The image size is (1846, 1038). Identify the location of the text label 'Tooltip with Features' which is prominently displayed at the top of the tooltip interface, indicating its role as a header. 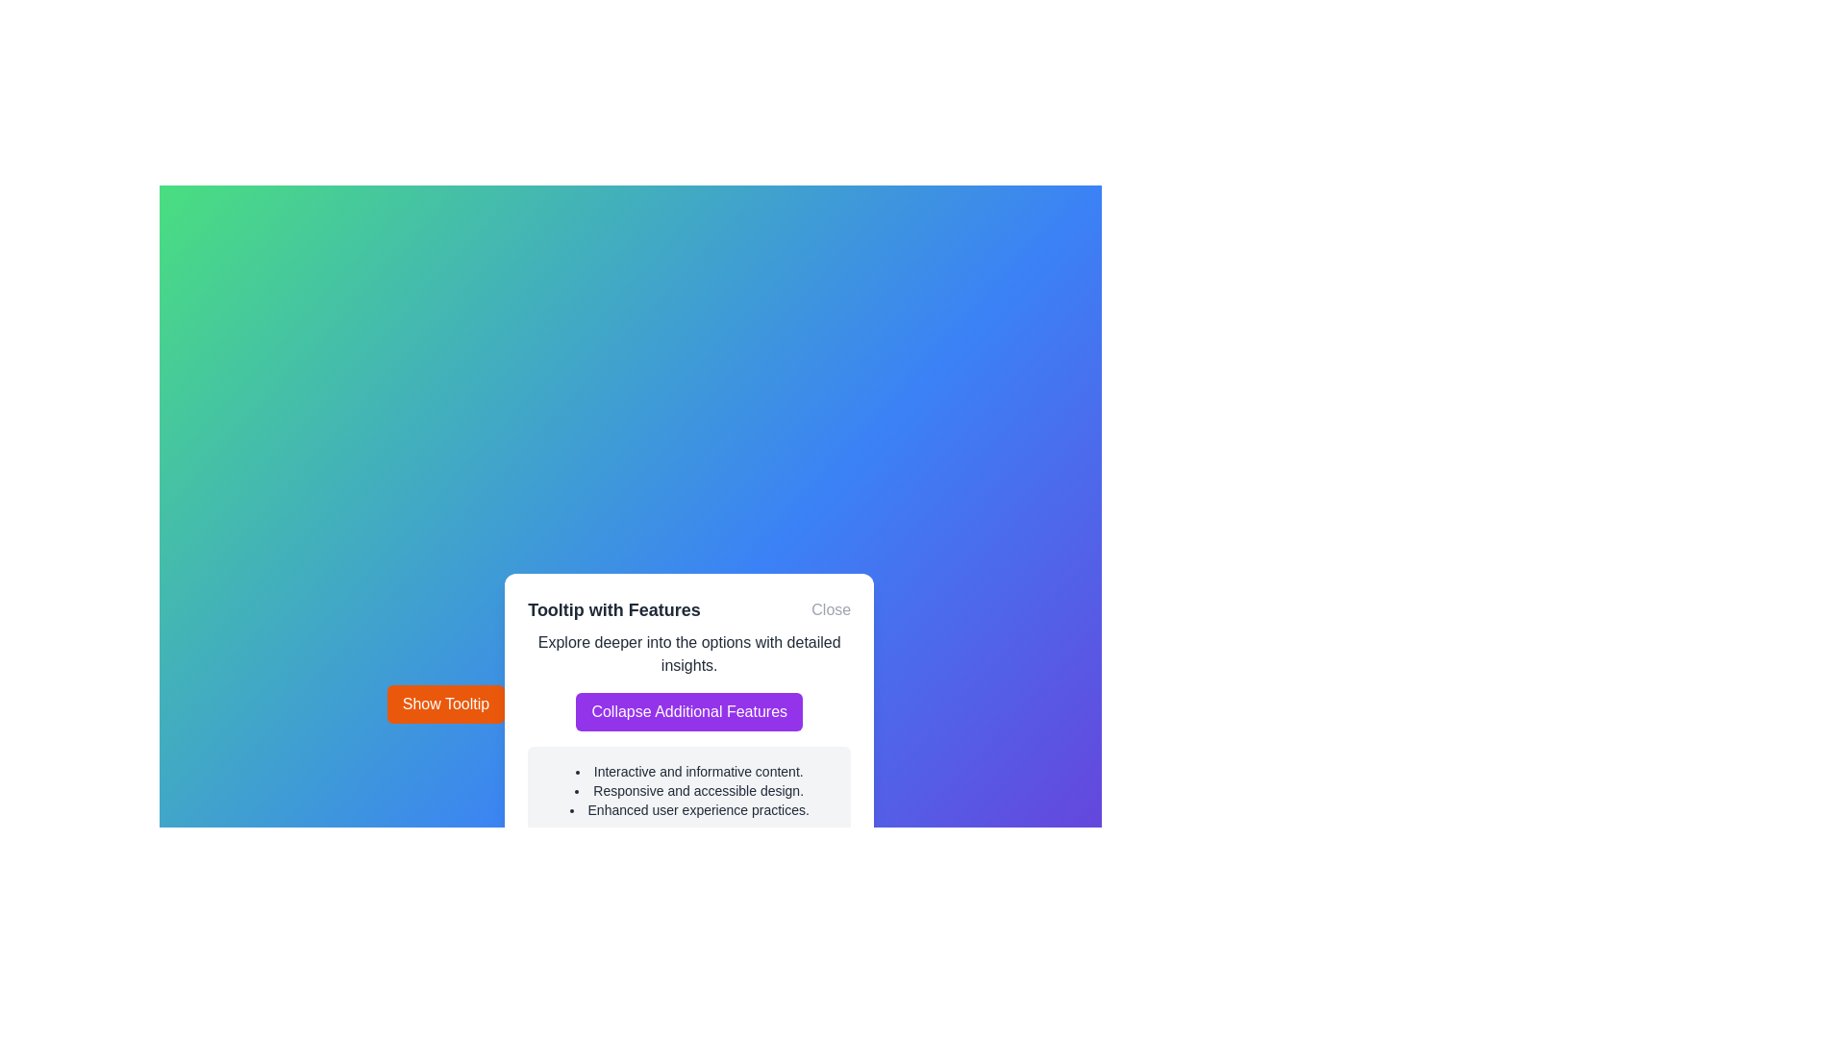
(612, 610).